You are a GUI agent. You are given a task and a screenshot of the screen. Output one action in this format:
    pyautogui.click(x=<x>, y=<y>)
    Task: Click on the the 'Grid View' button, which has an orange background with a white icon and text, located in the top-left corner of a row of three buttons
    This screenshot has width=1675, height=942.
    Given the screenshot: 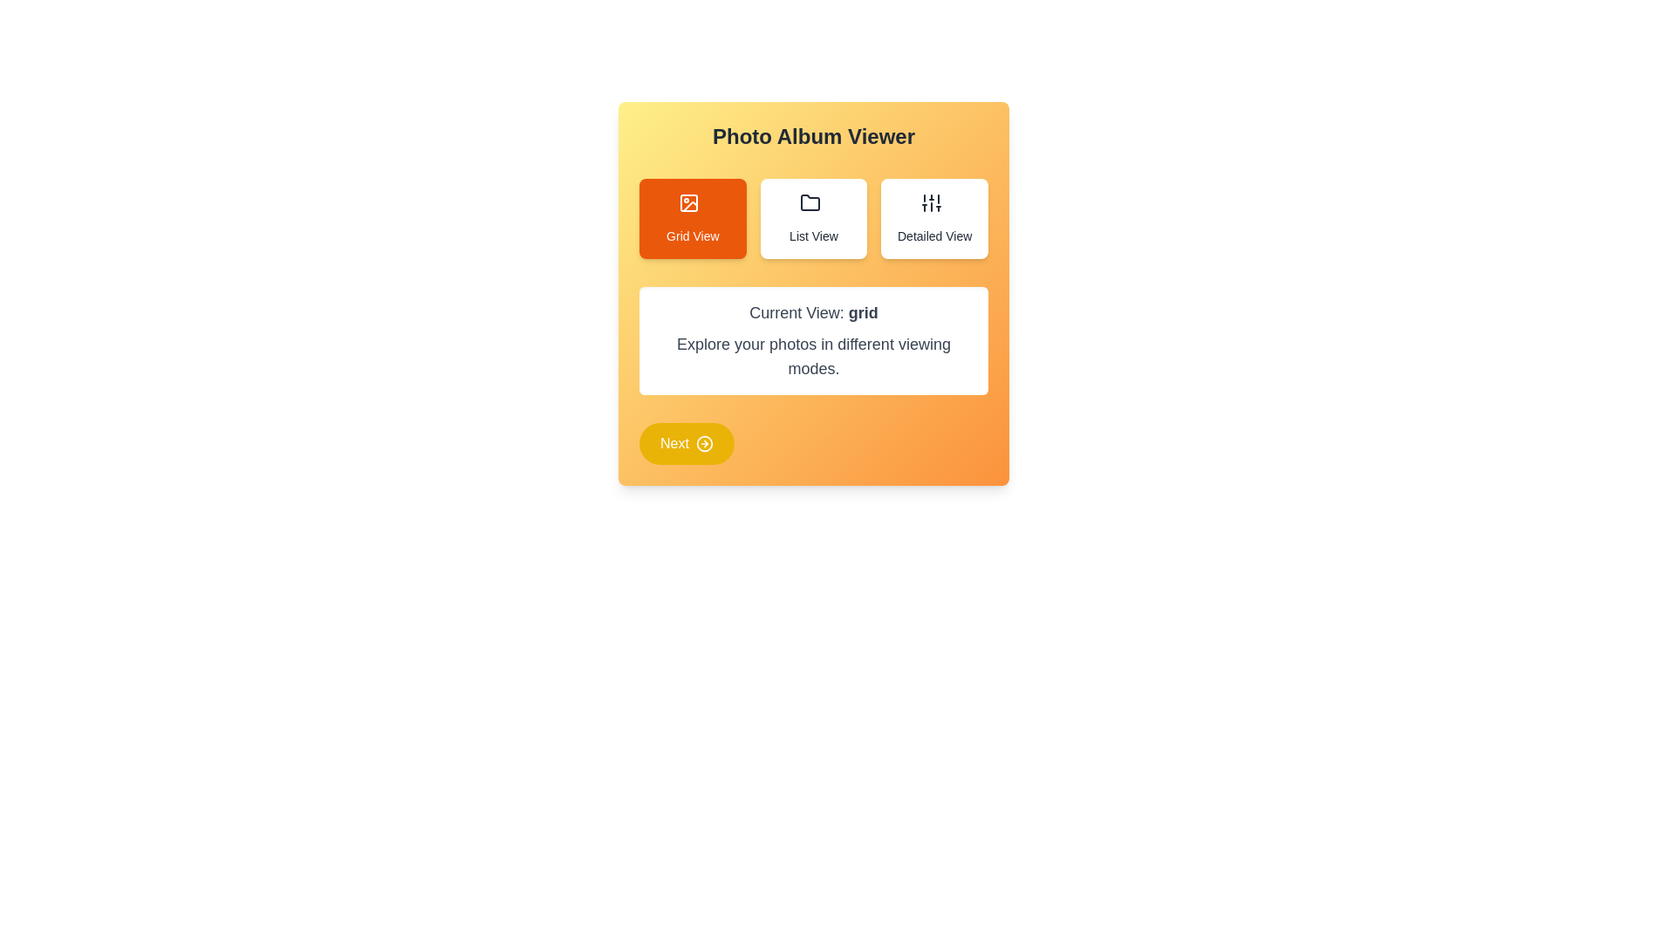 What is the action you would take?
    pyautogui.click(x=692, y=217)
    